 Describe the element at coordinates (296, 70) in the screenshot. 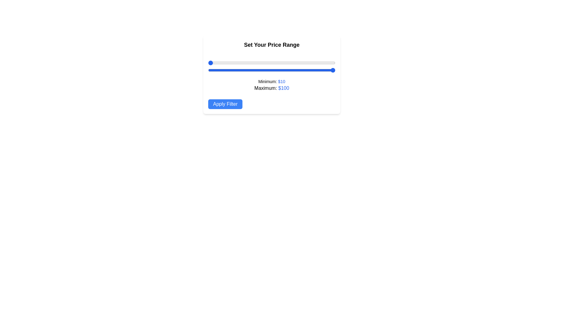

I see `the slider` at that location.